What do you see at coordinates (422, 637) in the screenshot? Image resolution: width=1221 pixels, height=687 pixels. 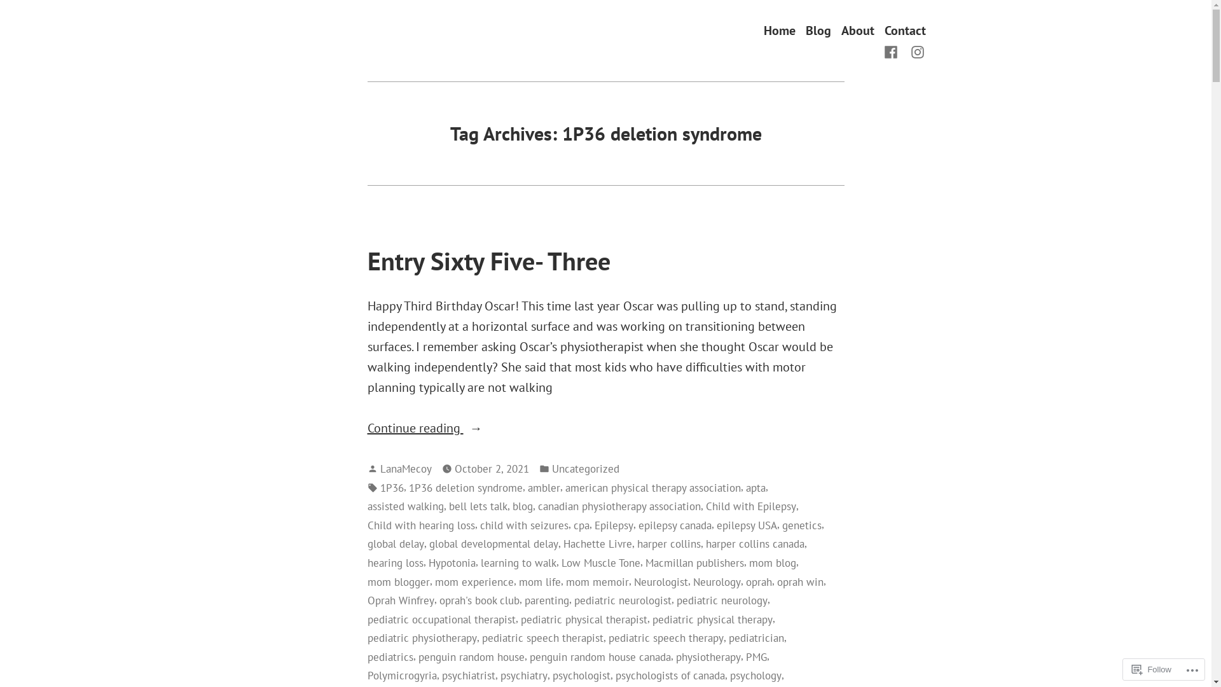 I see `'pediatric physiotherapy'` at bounding box center [422, 637].